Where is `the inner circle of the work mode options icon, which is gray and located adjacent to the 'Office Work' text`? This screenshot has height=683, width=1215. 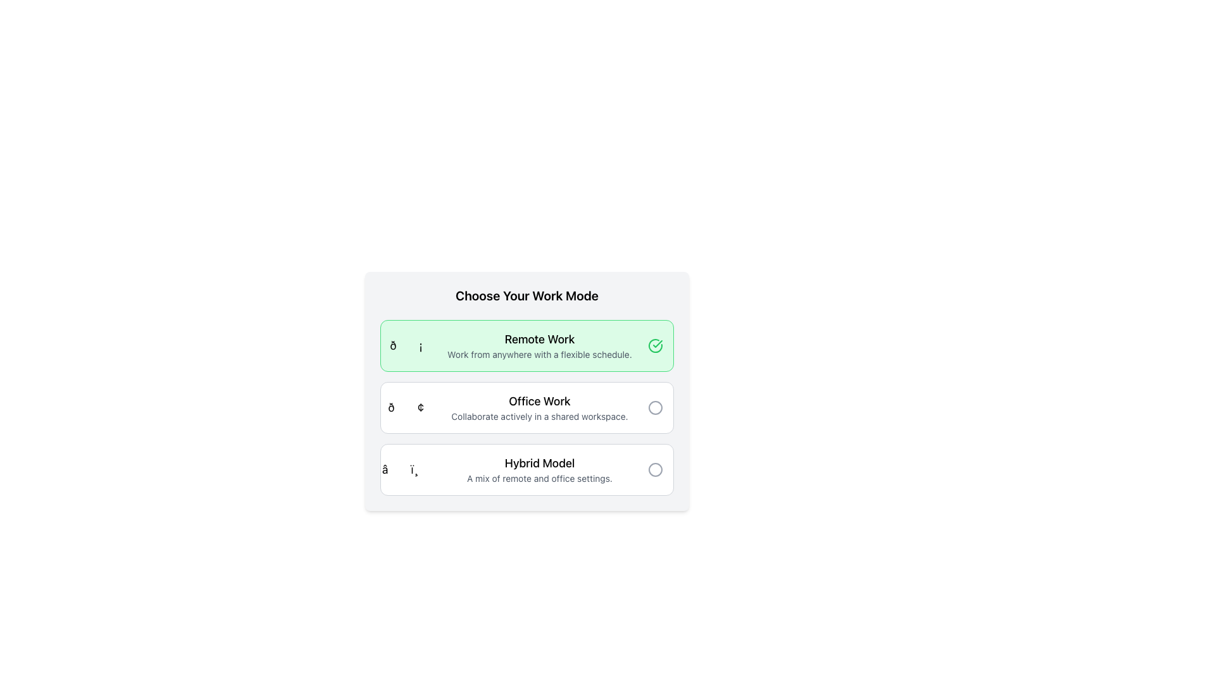
the inner circle of the work mode options icon, which is gray and located adjacent to the 'Office Work' text is located at coordinates (656, 407).